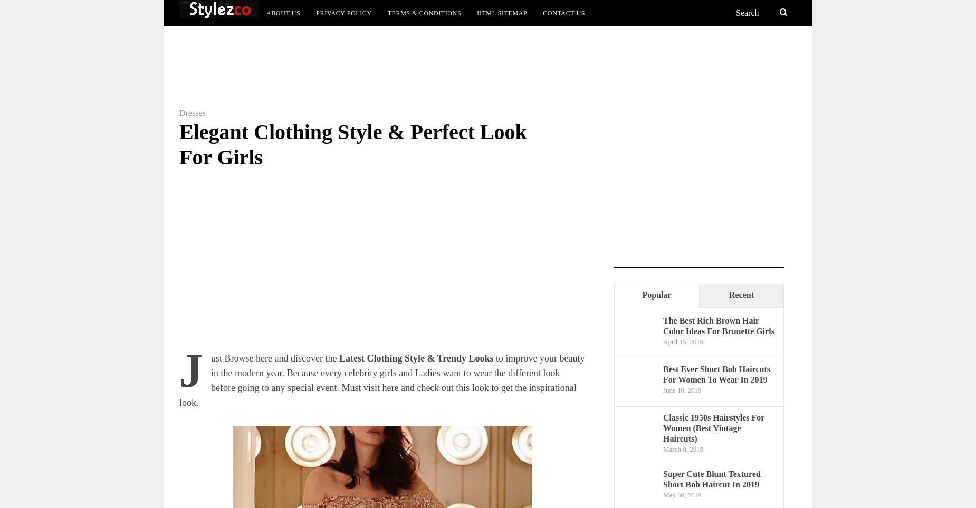  What do you see at coordinates (382, 380) in the screenshot?
I see `'to improve your beauty in the modern year. Because every celebrity girls and Ladies want to wear the different look before going to any special event. Must visit here and check out this look to get the inspirational look.'` at bounding box center [382, 380].